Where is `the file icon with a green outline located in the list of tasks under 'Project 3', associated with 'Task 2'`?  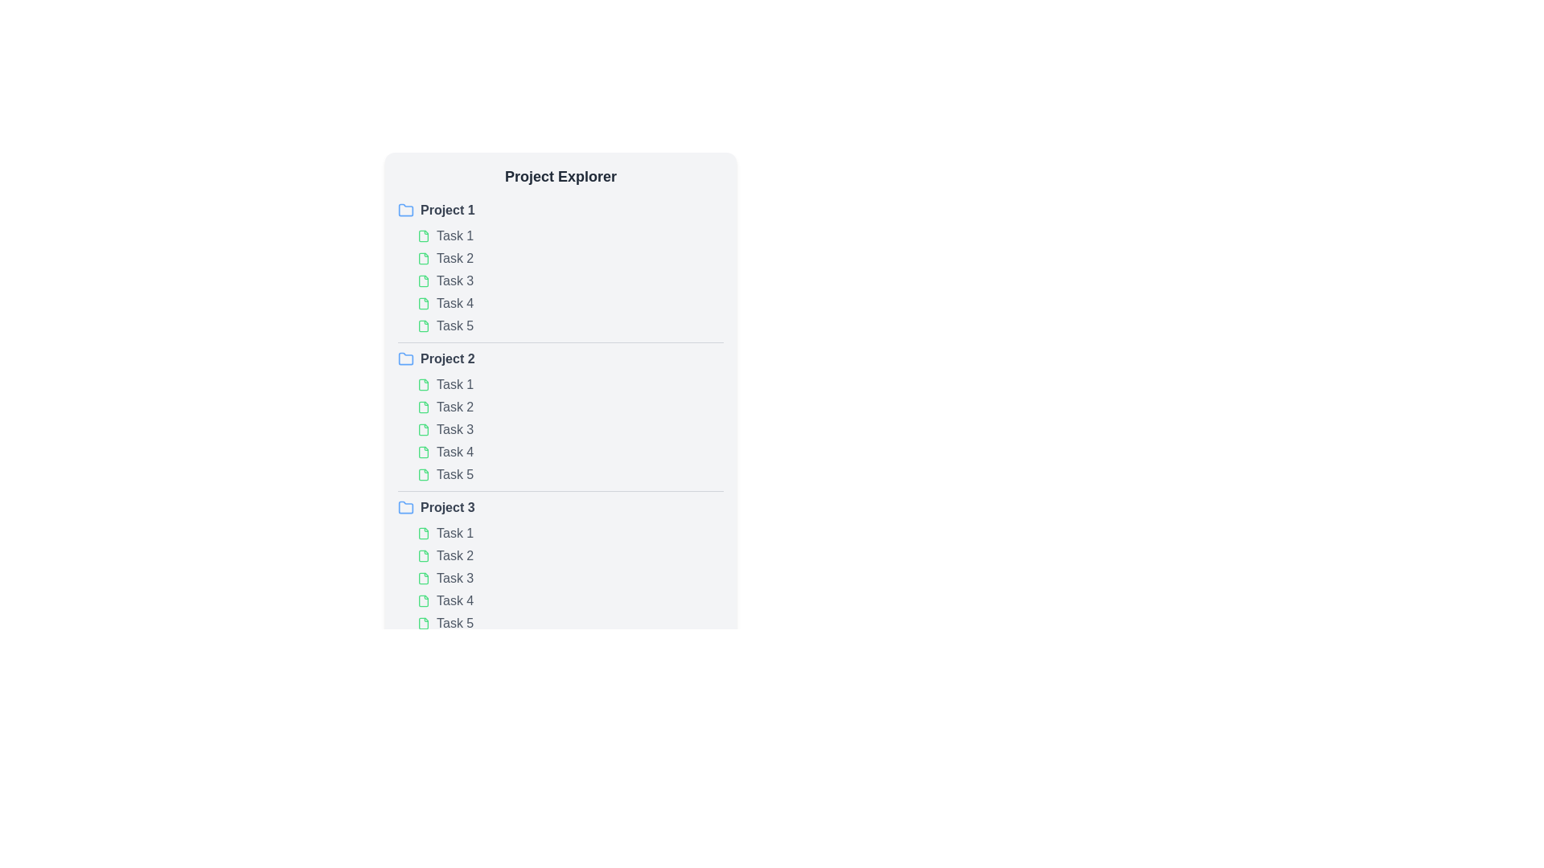 the file icon with a green outline located in the list of tasks under 'Project 3', associated with 'Task 2' is located at coordinates (424, 555).